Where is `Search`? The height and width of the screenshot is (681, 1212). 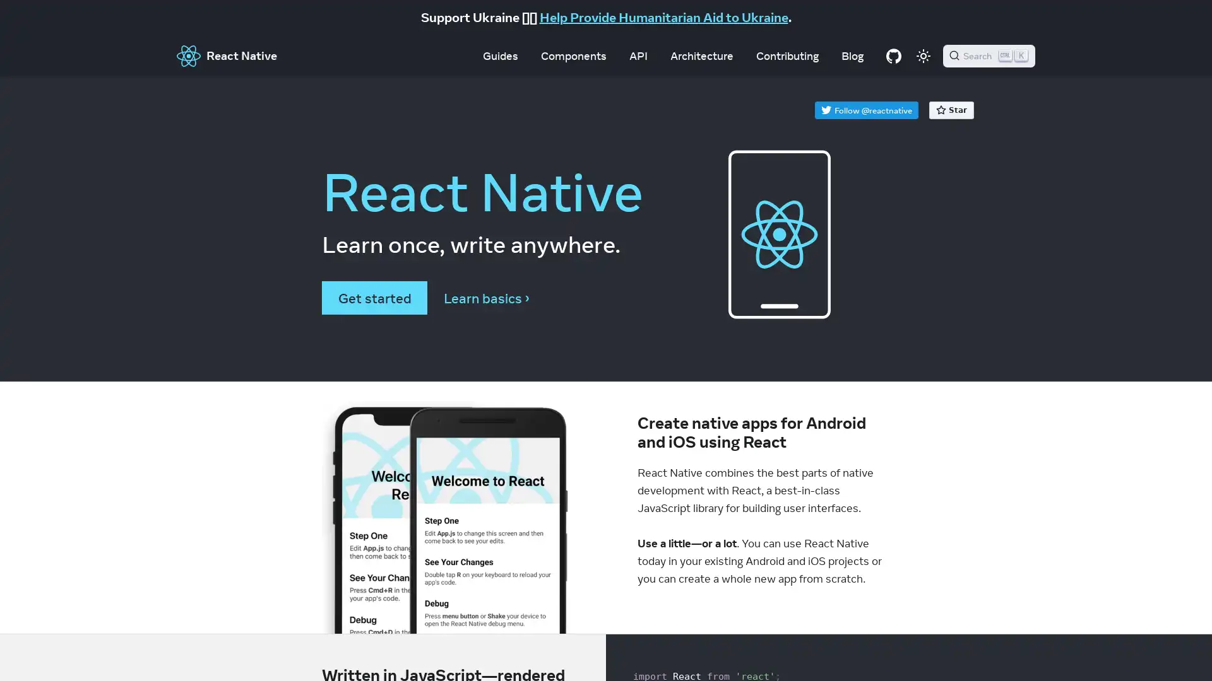
Search is located at coordinates (988, 55).